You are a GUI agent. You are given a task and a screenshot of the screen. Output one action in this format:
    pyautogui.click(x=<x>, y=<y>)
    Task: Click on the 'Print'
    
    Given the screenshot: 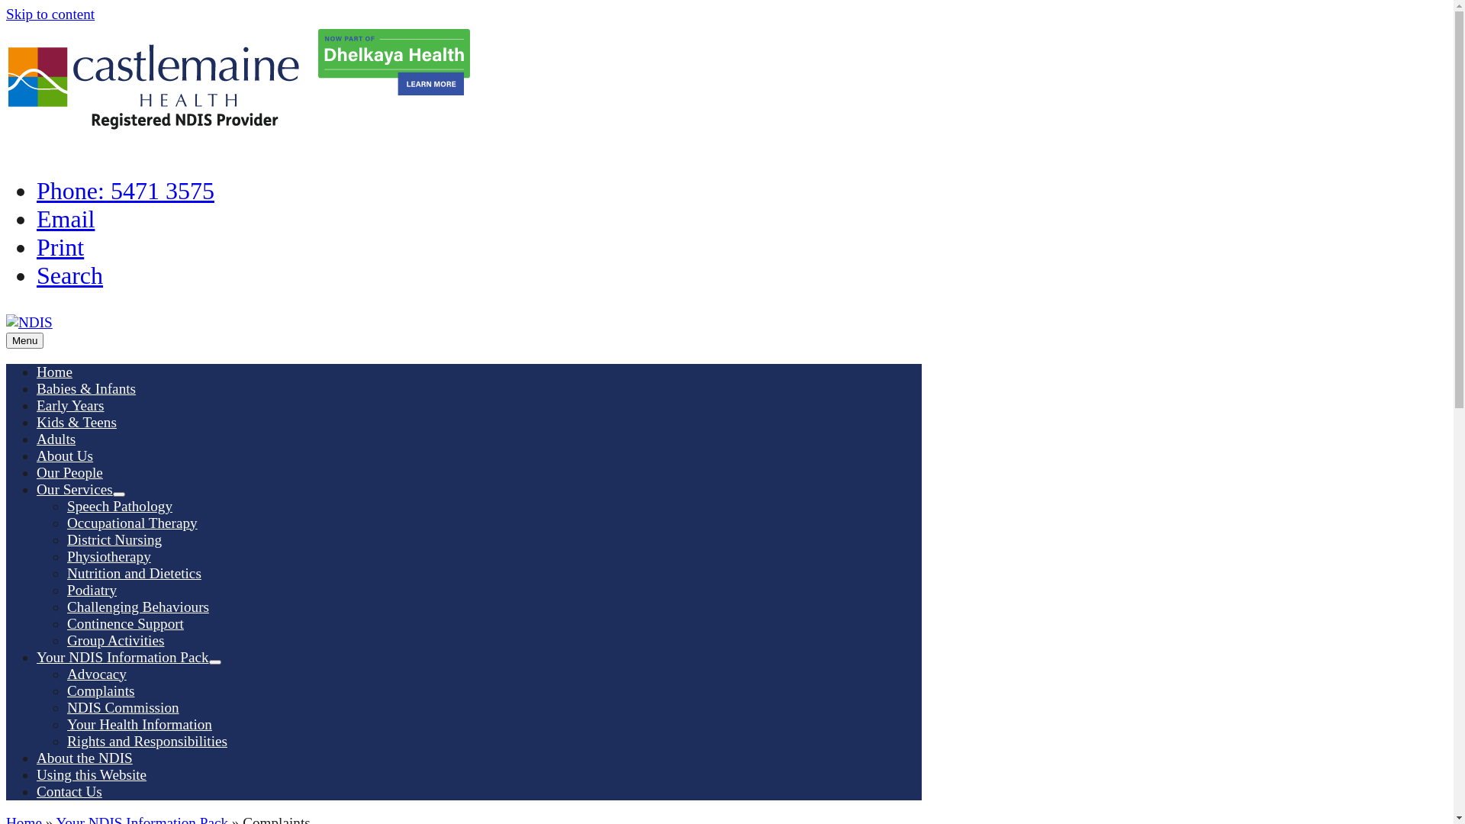 What is the action you would take?
    pyautogui.click(x=37, y=246)
    